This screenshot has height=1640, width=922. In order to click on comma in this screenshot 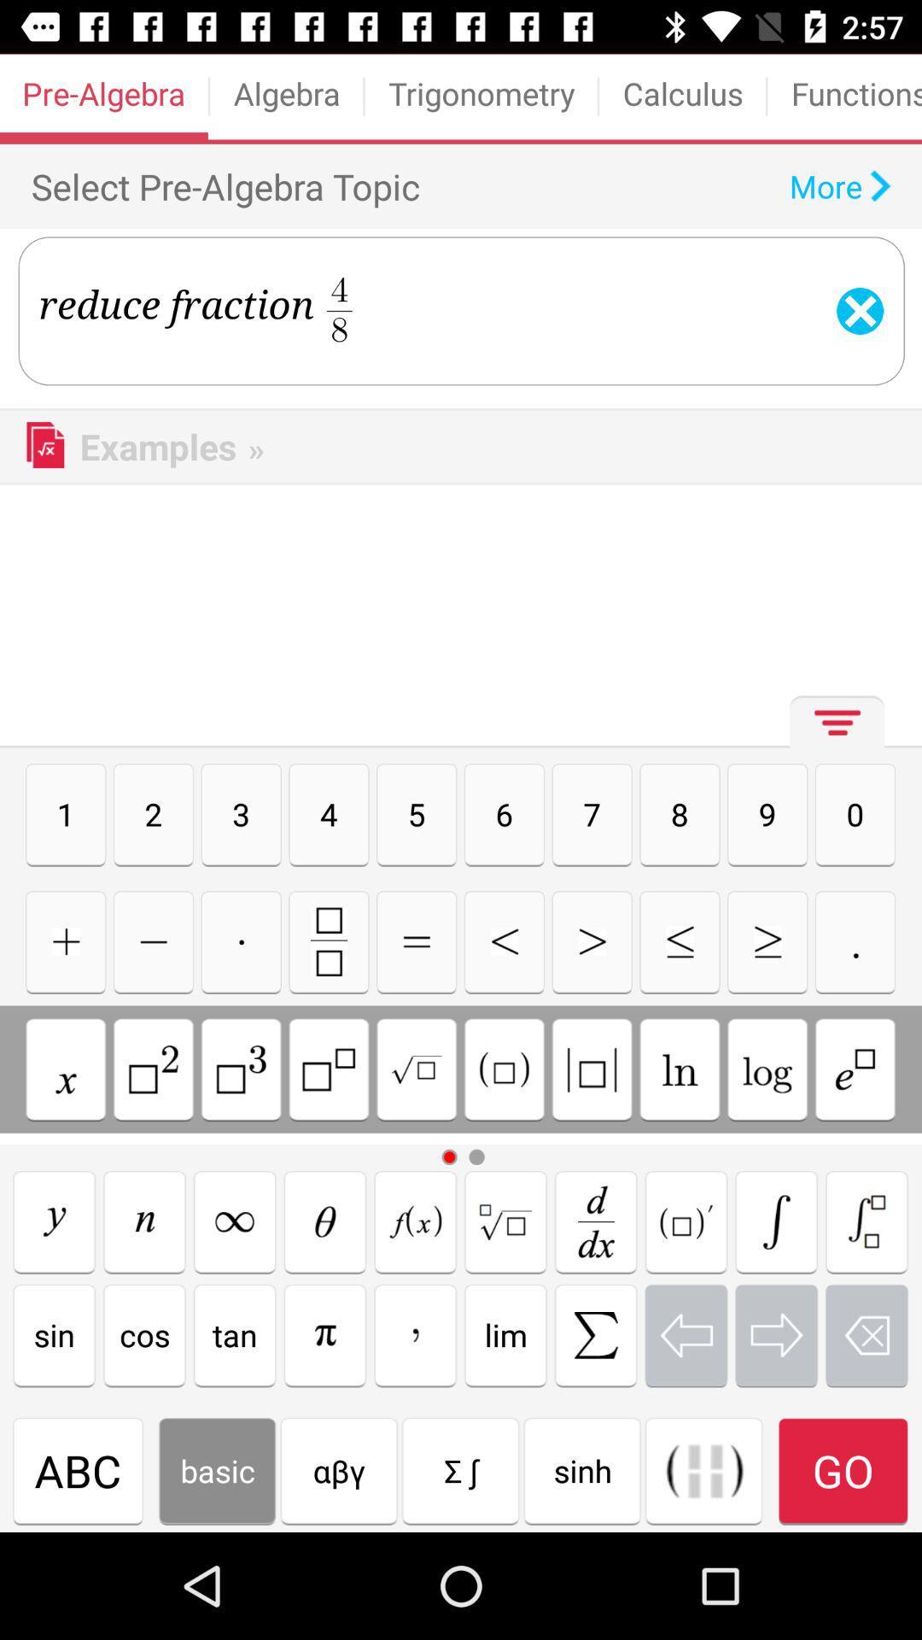, I will do `click(415, 1334)`.